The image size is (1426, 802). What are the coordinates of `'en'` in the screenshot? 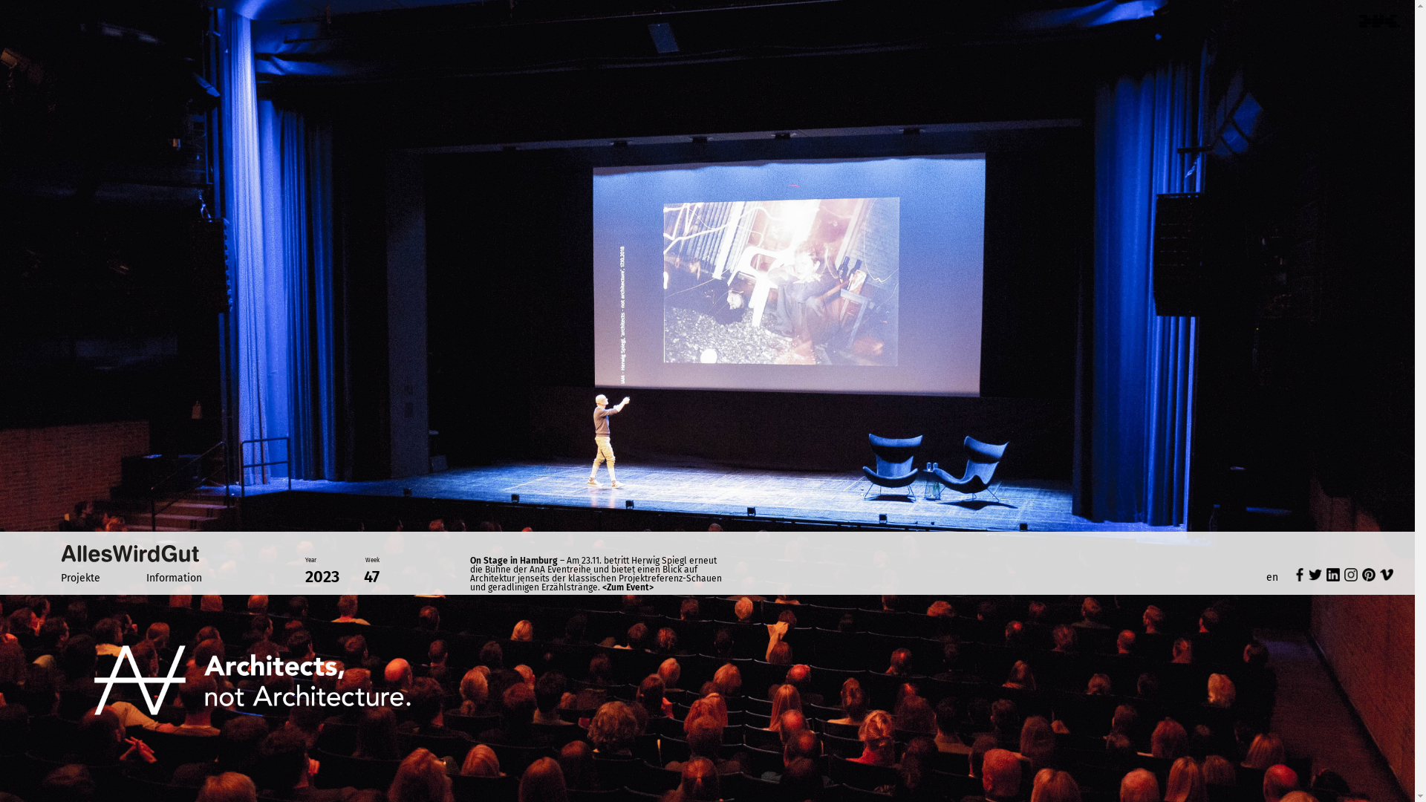 It's located at (1272, 576).